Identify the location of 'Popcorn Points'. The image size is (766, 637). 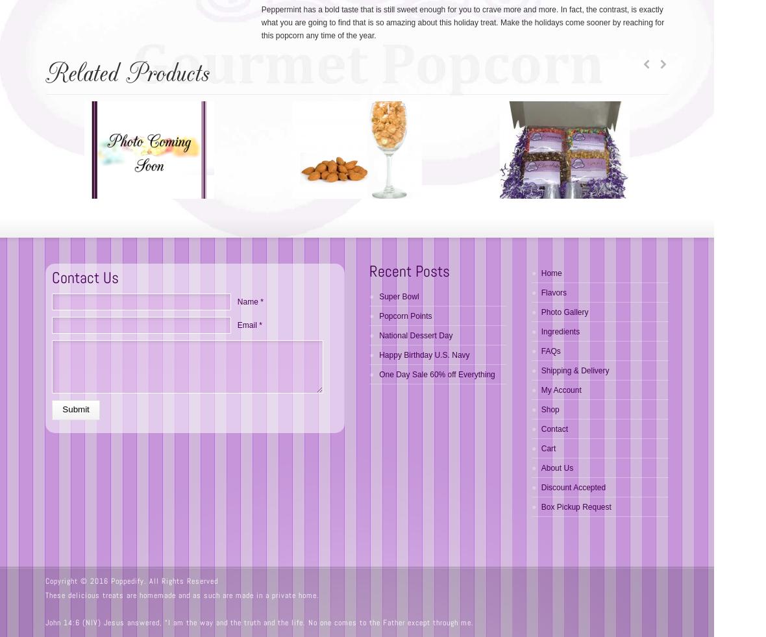
(378, 315).